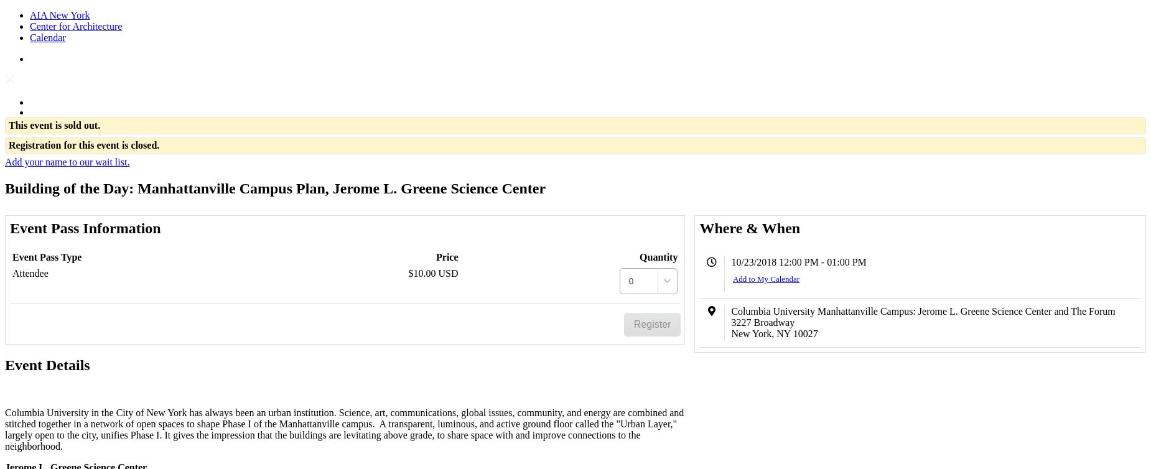 The width and height of the screenshot is (1151, 469). What do you see at coordinates (75, 26) in the screenshot?
I see `'Center for Architecture'` at bounding box center [75, 26].